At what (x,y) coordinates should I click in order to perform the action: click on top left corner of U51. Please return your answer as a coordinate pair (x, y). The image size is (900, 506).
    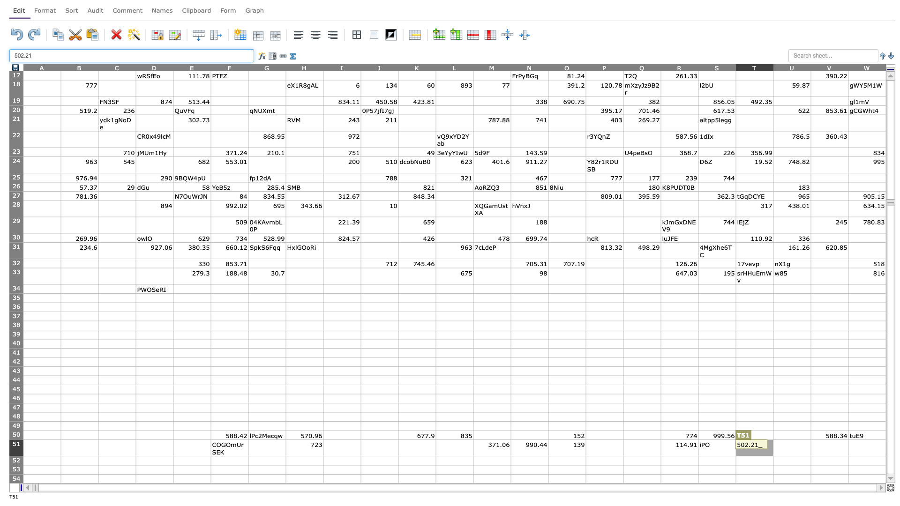
    Looking at the image, I should click on (773, 439).